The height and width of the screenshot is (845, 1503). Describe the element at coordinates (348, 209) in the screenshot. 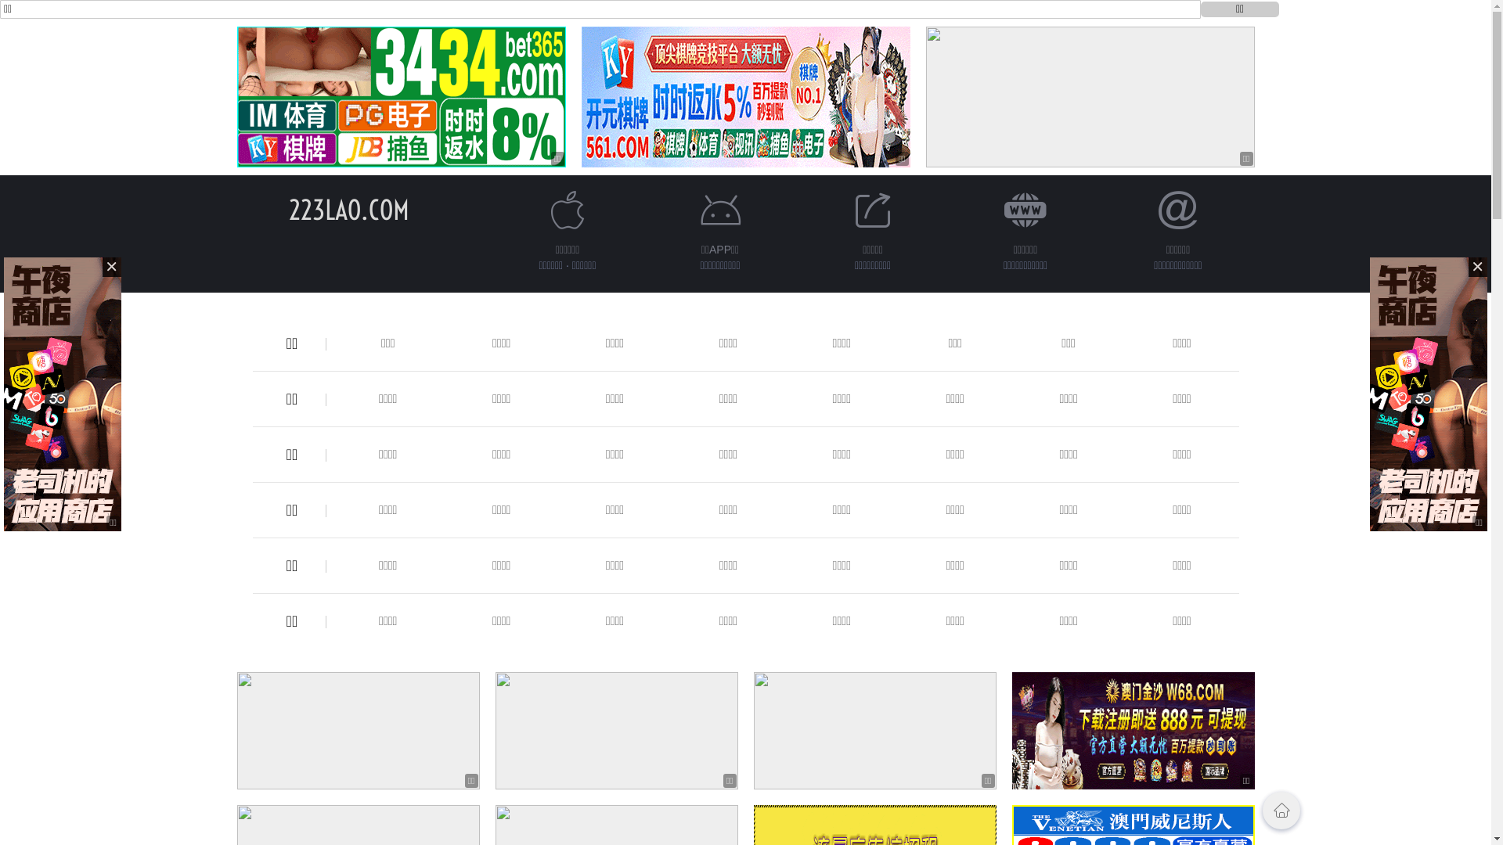

I see `'223LAO.COM'` at that location.